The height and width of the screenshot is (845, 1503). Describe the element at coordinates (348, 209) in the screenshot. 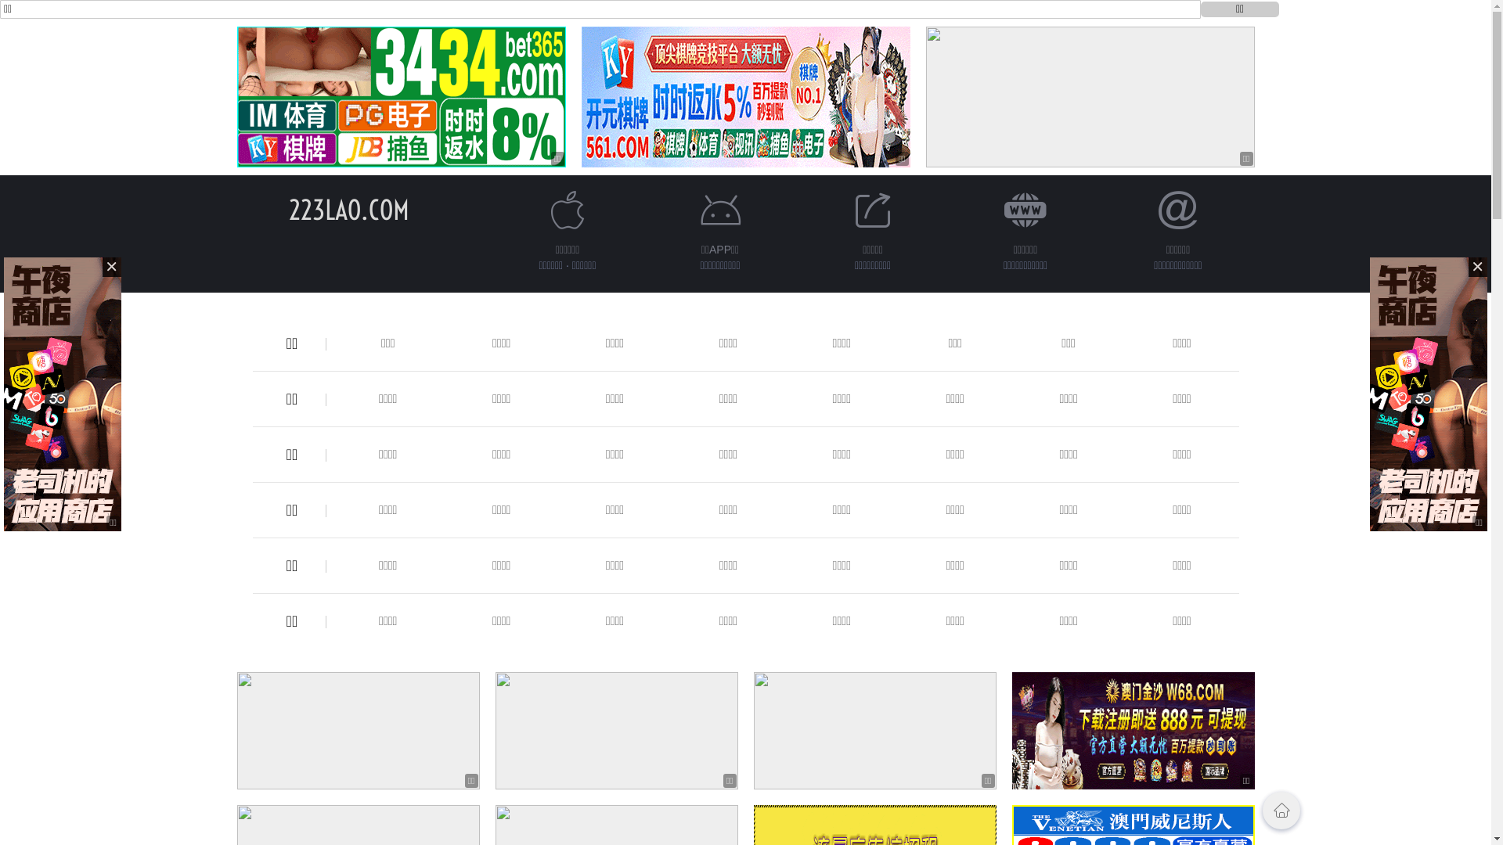

I see `'223LAO.COM'` at that location.